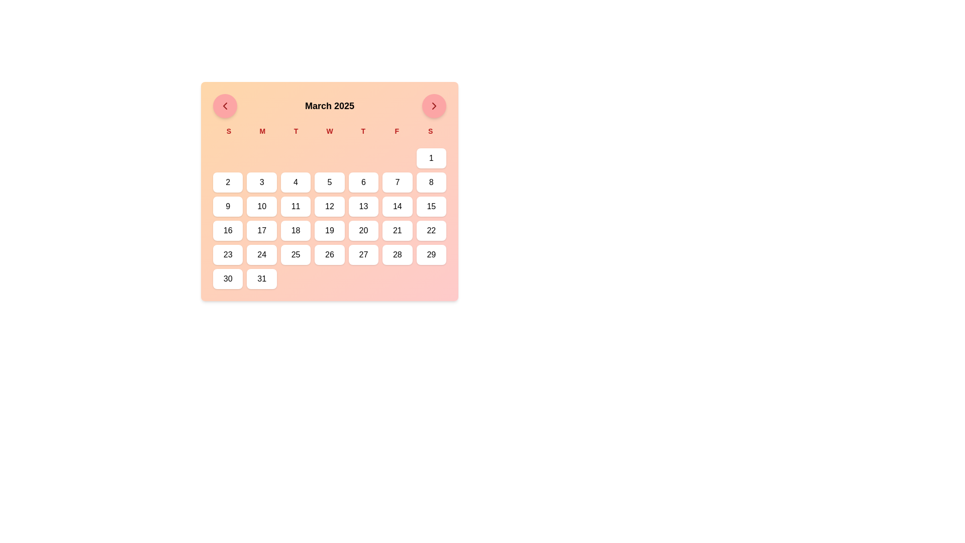 Image resolution: width=965 pixels, height=543 pixels. What do you see at coordinates (330, 106) in the screenshot?
I see `Text Label indicating the currently selected month and year in the calendar interface for additional details` at bounding box center [330, 106].